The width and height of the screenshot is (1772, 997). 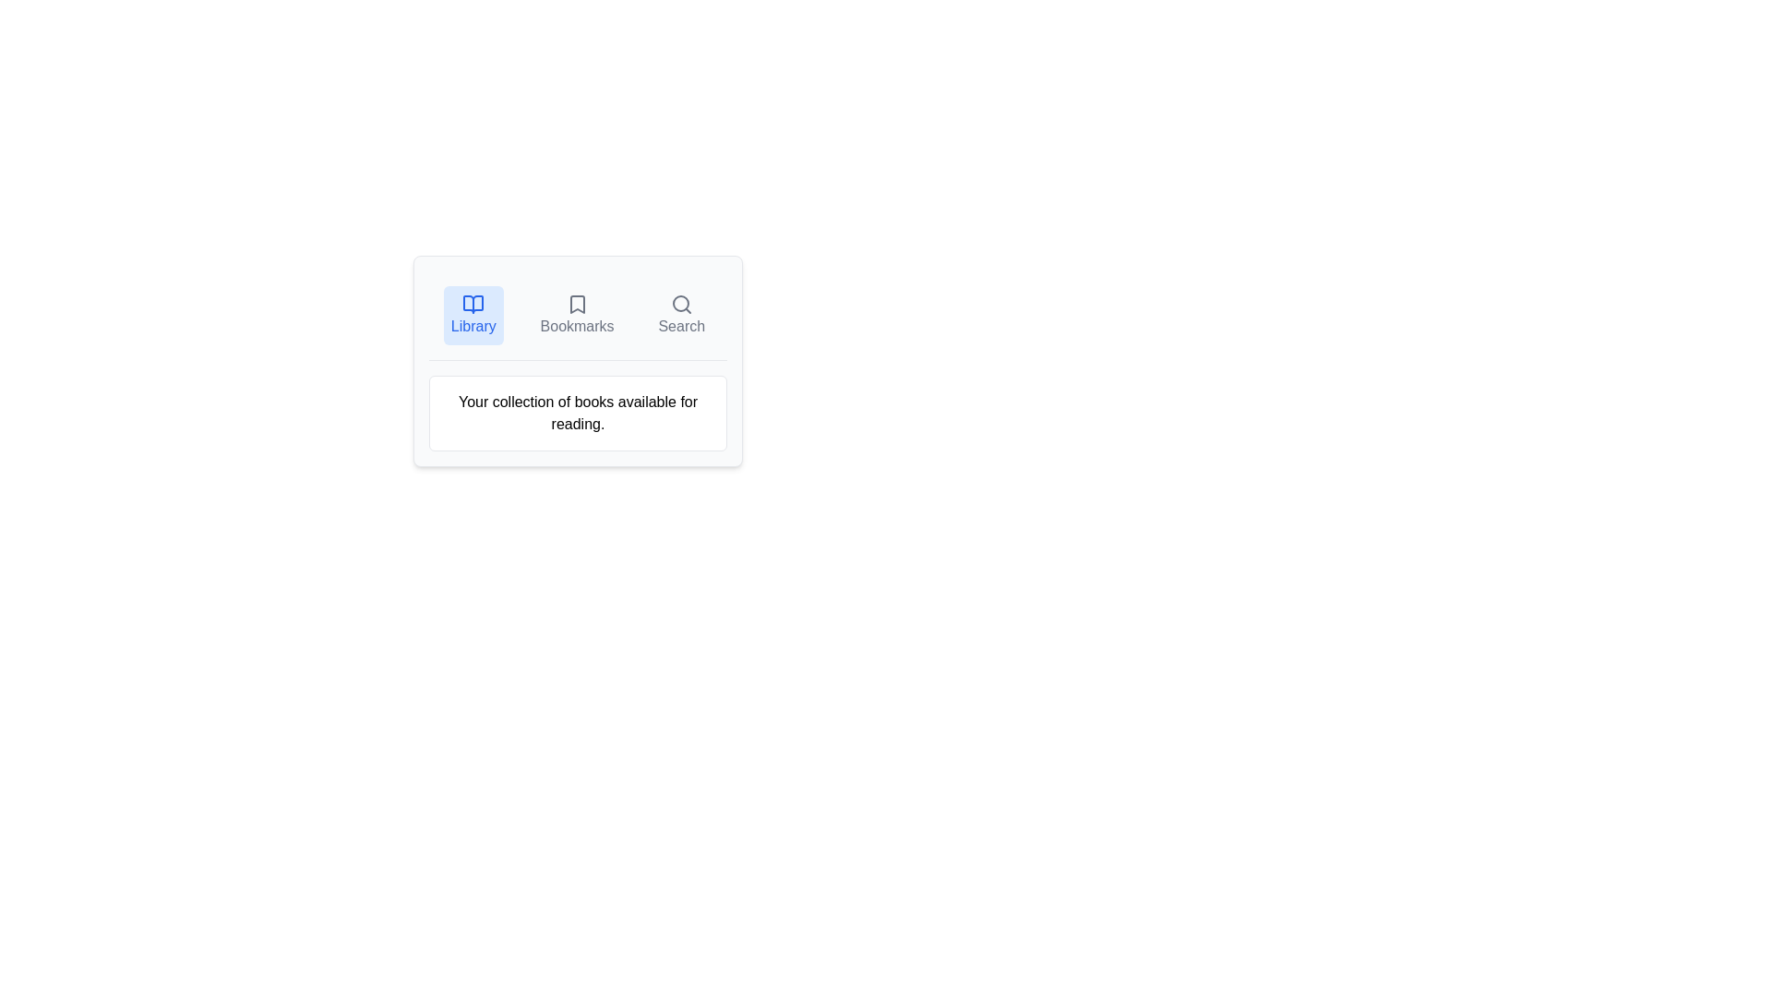 I want to click on the Search tab by clicking on the respective tab button, so click(x=680, y=315).